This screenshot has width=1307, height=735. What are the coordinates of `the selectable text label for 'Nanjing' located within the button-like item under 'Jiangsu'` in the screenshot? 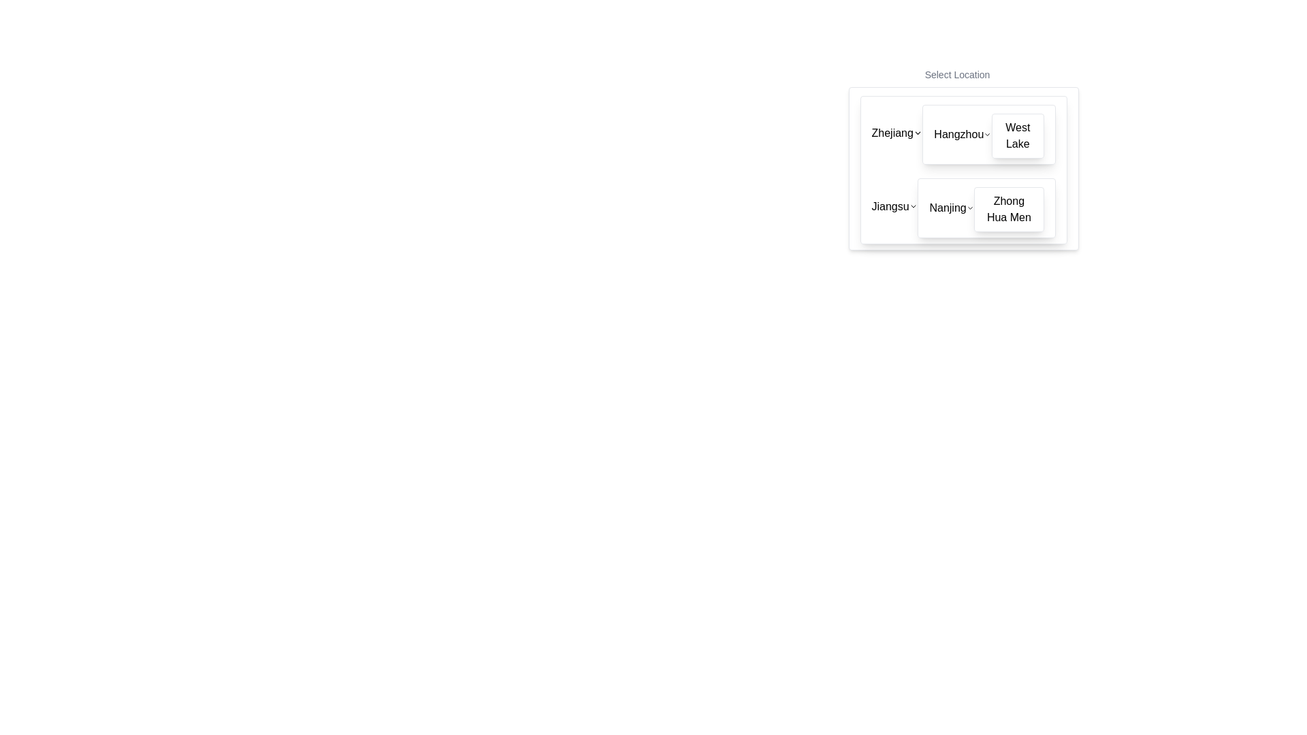 It's located at (947, 208).